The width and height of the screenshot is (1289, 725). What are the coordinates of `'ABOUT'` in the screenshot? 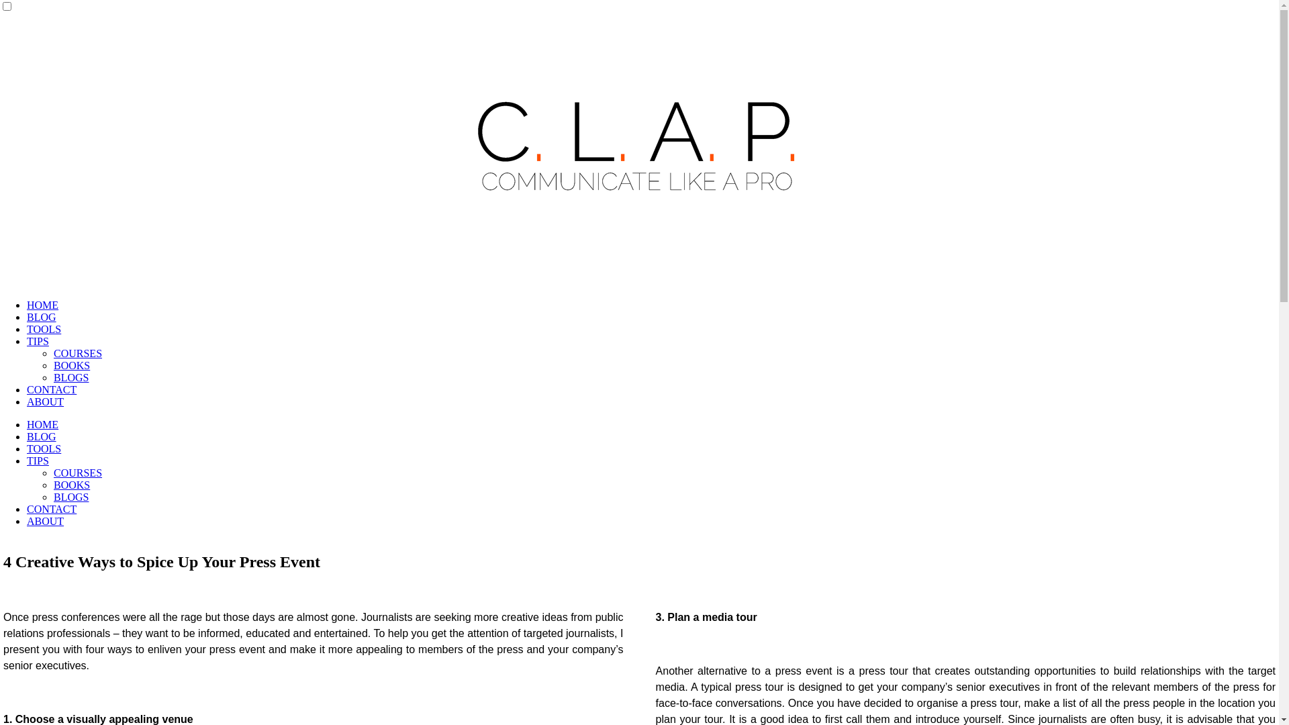 It's located at (26, 401).